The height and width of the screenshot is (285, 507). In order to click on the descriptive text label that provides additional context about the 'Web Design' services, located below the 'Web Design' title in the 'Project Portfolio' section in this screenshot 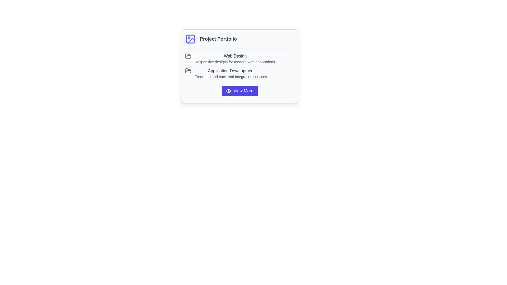, I will do `click(235, 62)`.